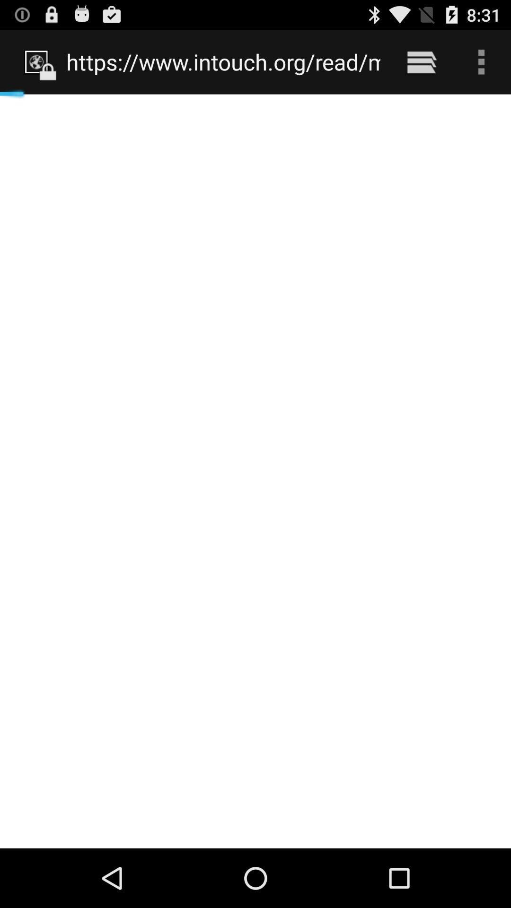  Describe the element at coordinates (223, 61) in the screenshot. I see `https www intouch icon` at that location.